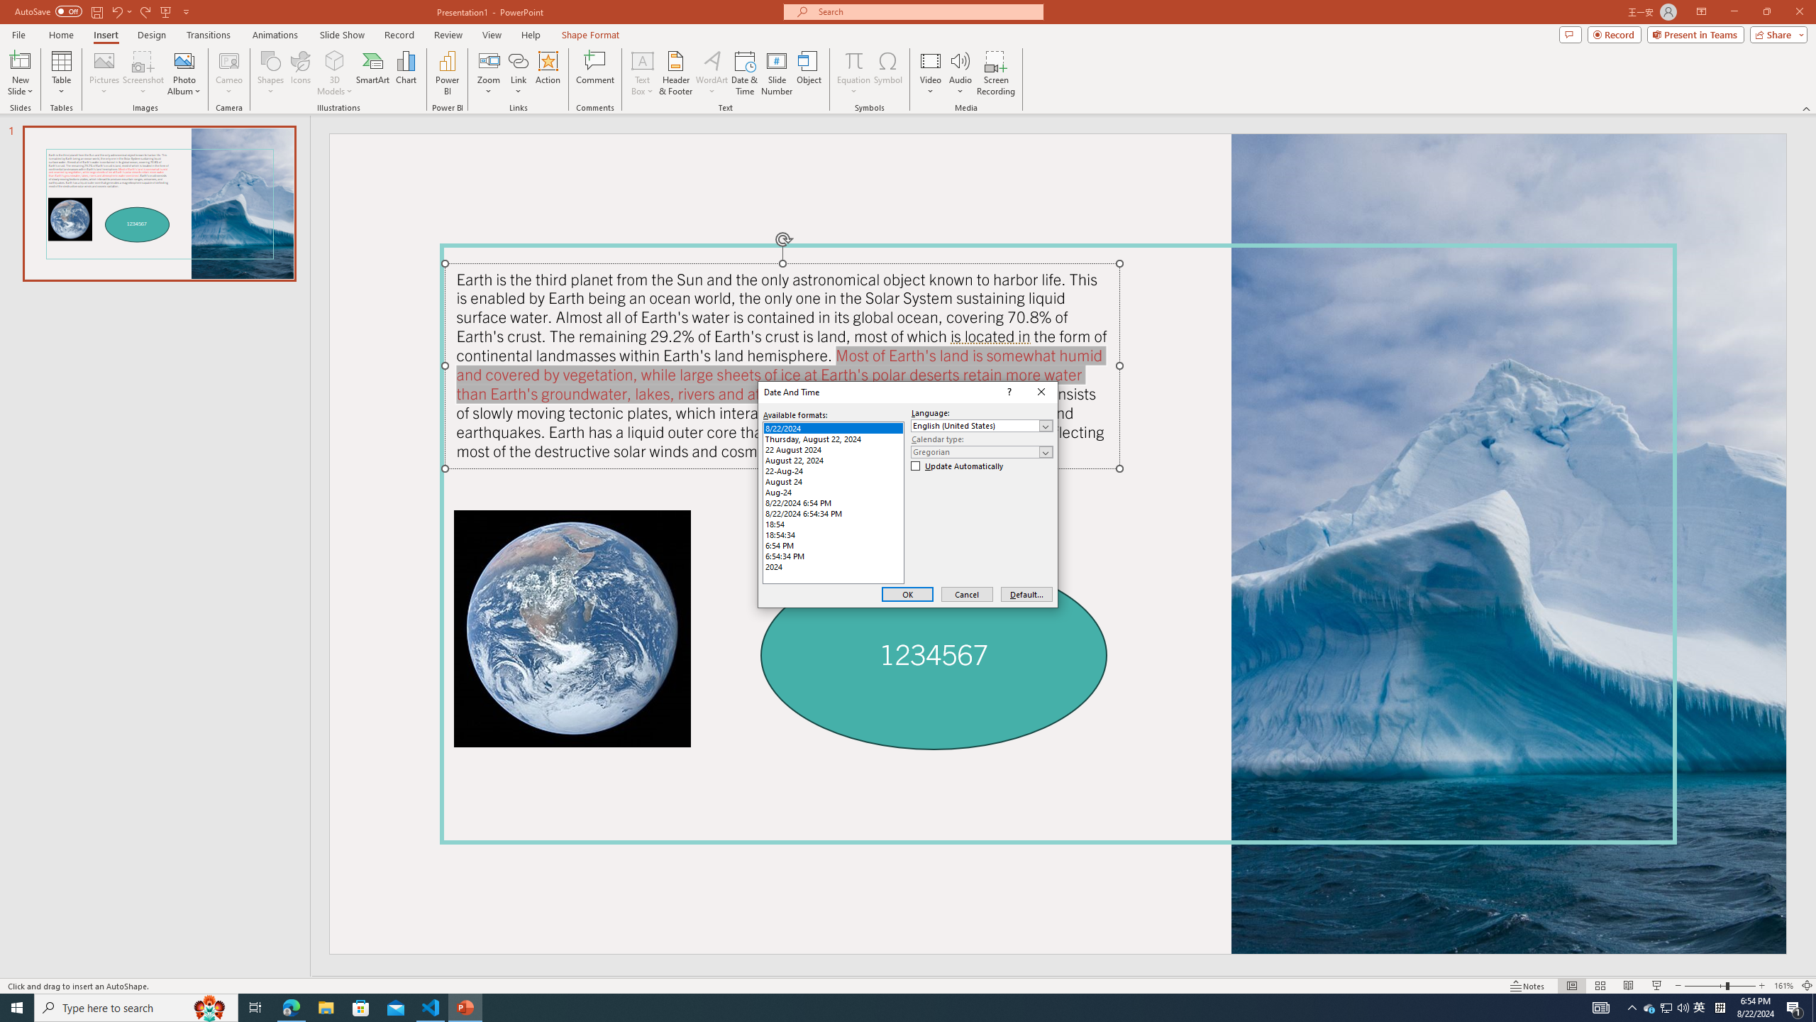 The image size is (1816, 1022). I want to click on 'Zoom 161%', so click(1784, 986).